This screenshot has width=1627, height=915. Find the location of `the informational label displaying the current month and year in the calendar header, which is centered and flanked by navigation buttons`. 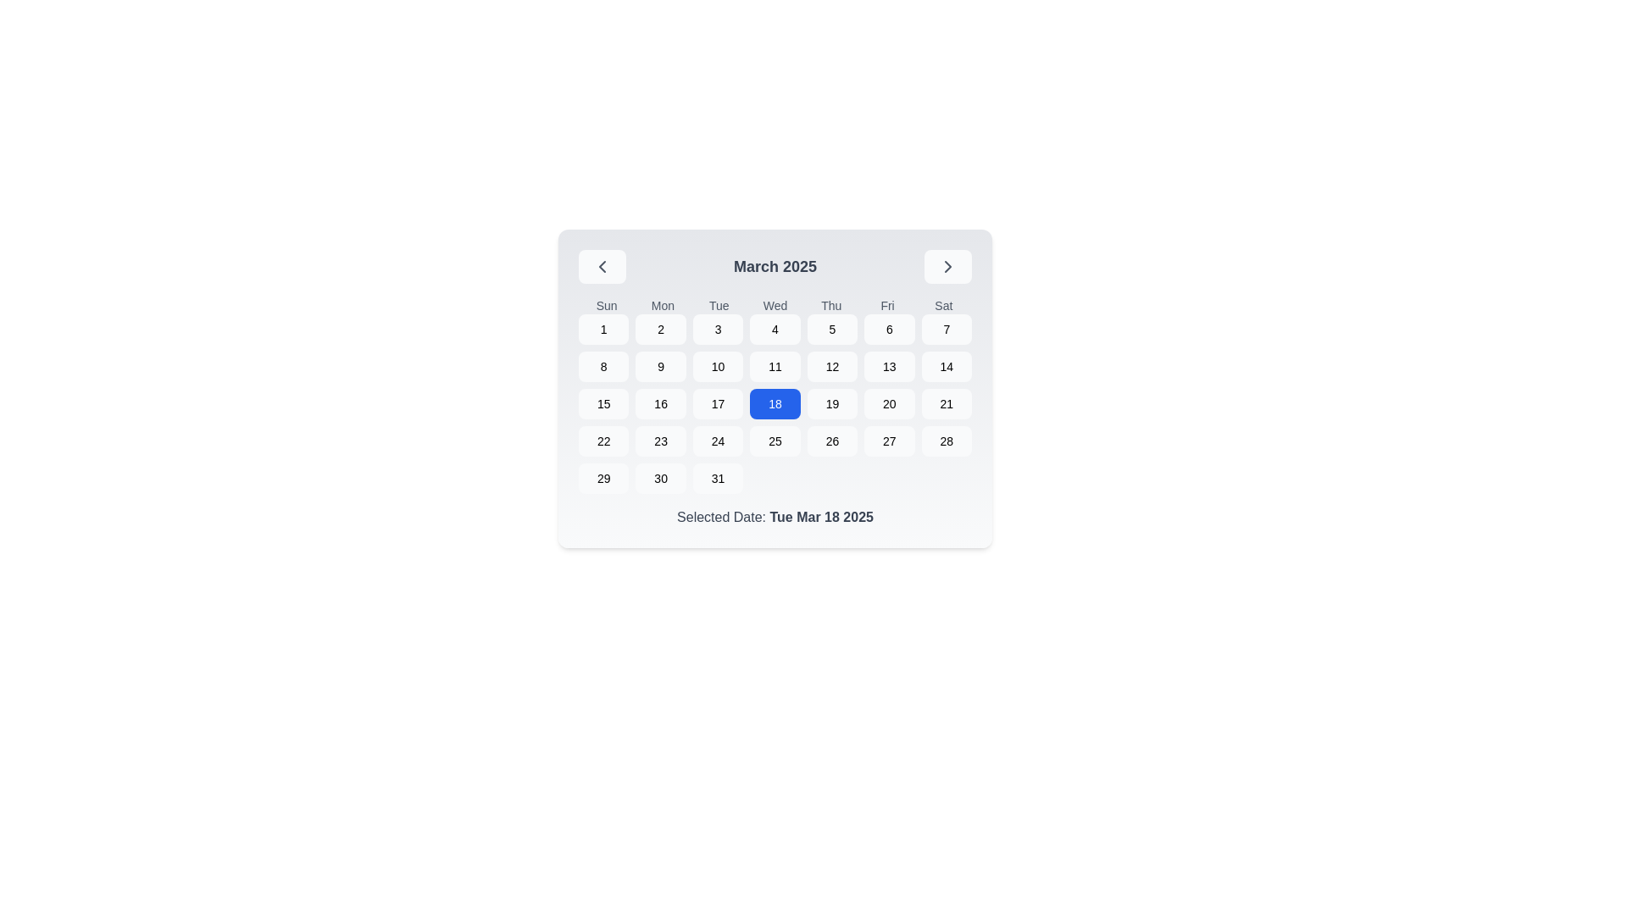

the informational label displaying the current month and year in the calendar header, which is centered and flanked by navigation buttons is located at coordinates (775, 267).